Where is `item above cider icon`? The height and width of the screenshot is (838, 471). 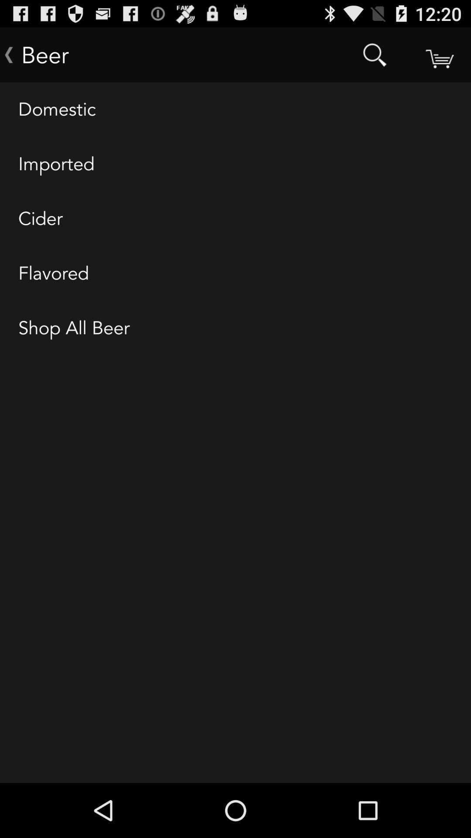 item above cider icon is located at coordinates (235, 165).